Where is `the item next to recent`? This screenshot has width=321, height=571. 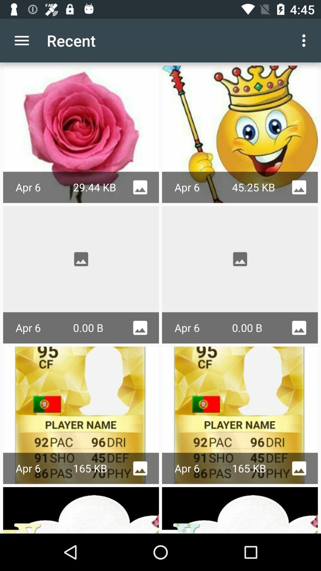 the item next to recent is located at coordinates (305, 40).